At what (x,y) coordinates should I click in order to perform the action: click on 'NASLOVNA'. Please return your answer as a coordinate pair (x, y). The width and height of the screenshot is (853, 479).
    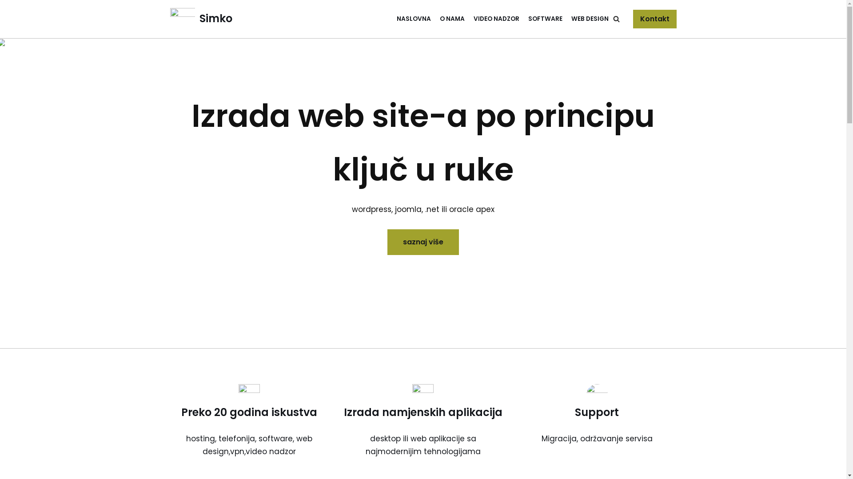
    Looking at the image, I should click on (413, 19).